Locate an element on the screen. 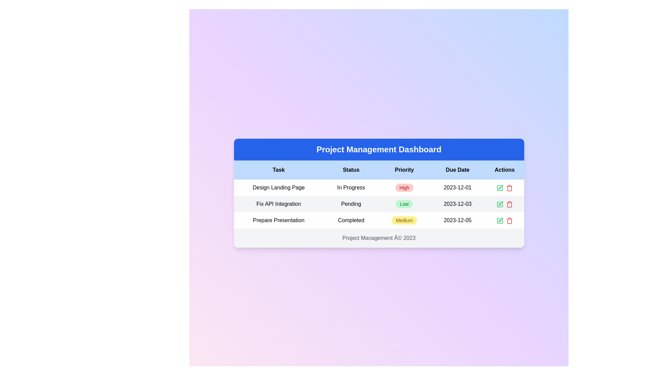 This screenshot has width=654, height=368. the 'Status' text label, which is a bold header element located in the second column of a light blue background table header, between 'Task' and 'Priority' is located at coordinates (351, 169).